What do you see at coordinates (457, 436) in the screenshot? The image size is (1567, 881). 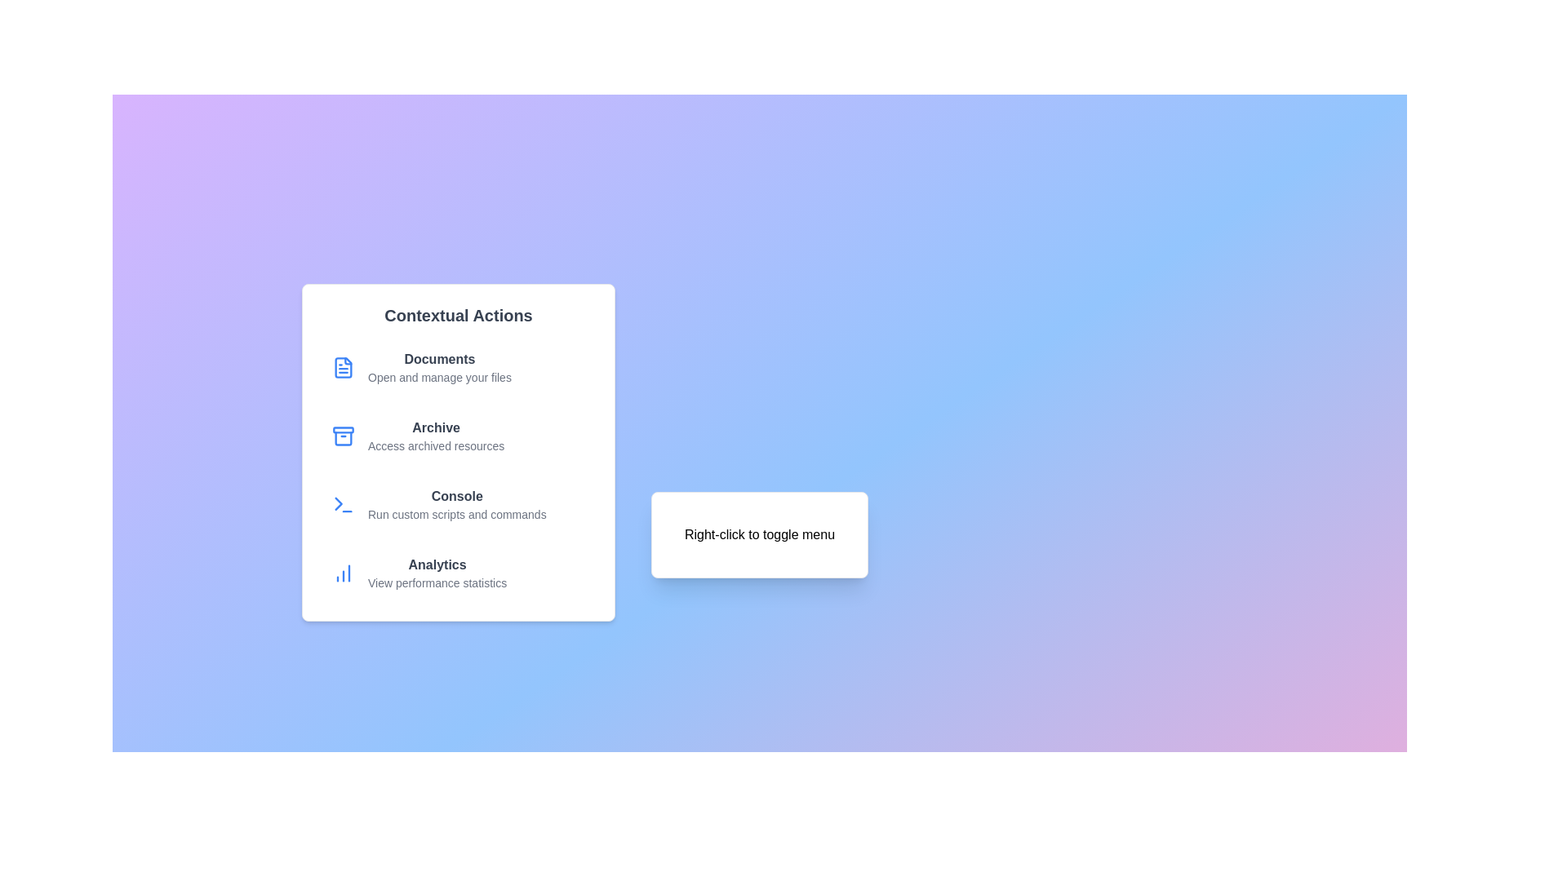 I see `the menu option Archive to view its hover effect` at bounding box center [457, 436].